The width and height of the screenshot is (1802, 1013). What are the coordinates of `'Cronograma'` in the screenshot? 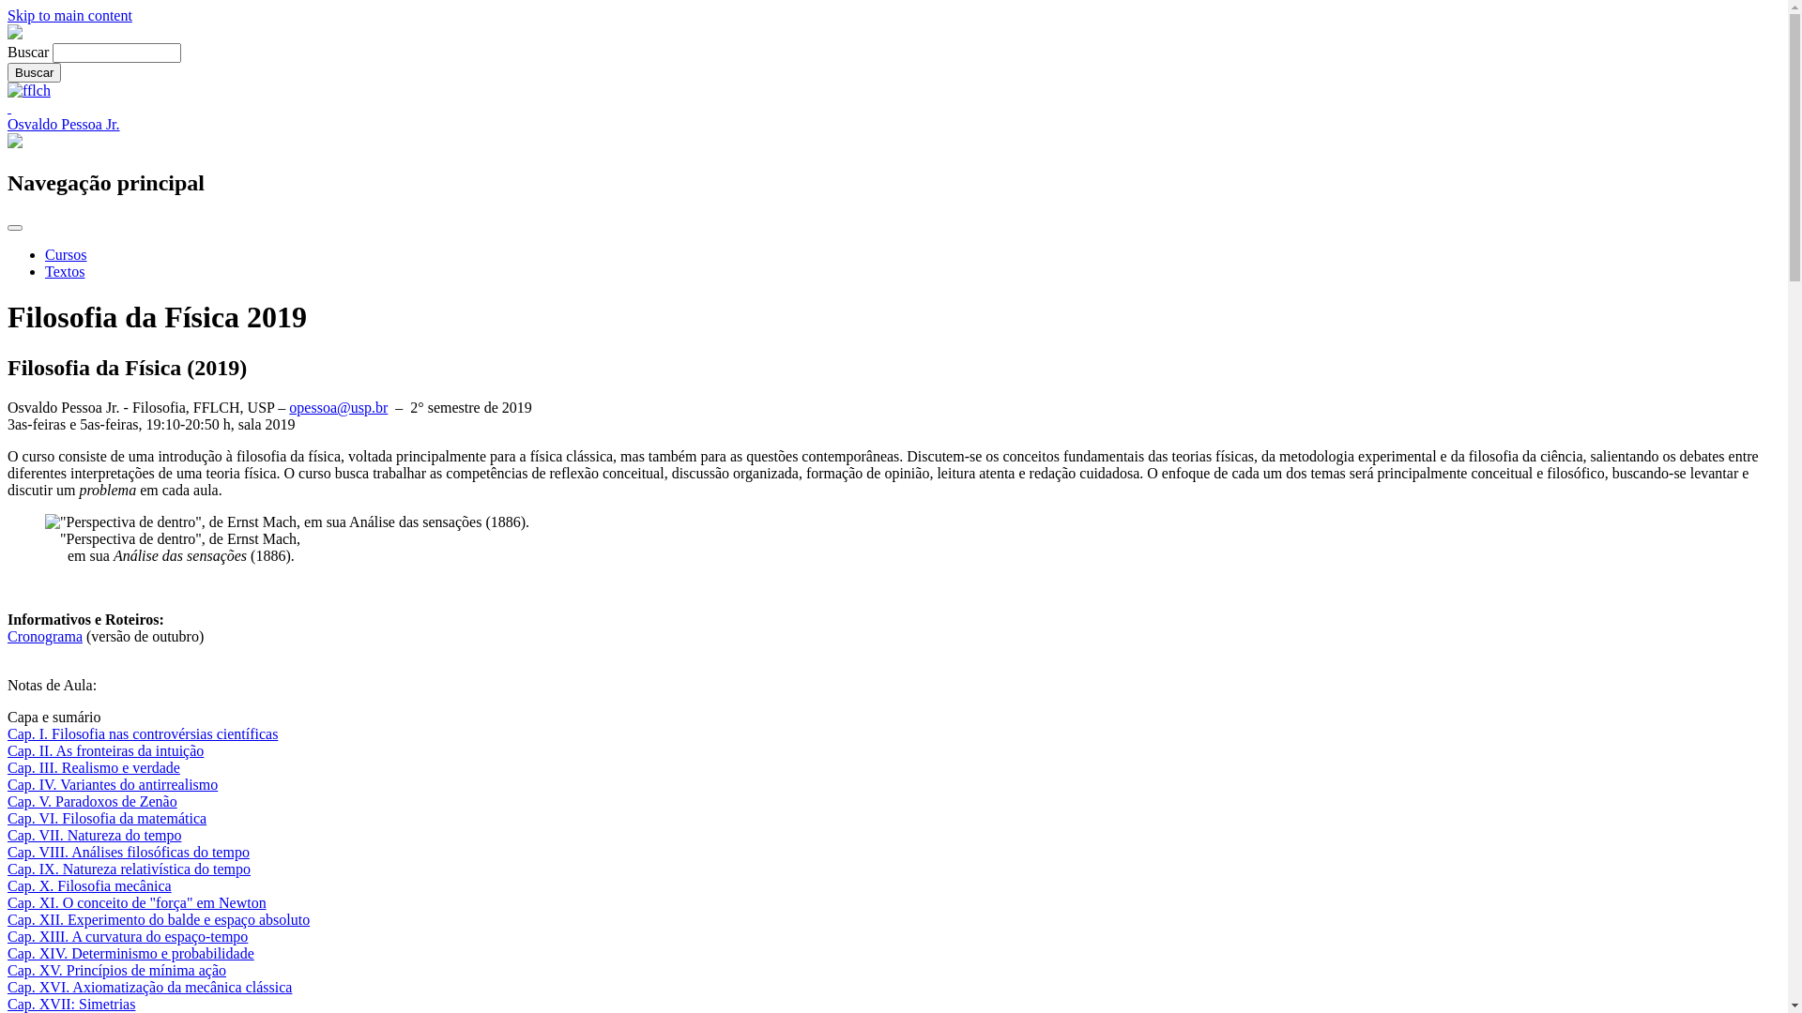 It's located at (45, 635).